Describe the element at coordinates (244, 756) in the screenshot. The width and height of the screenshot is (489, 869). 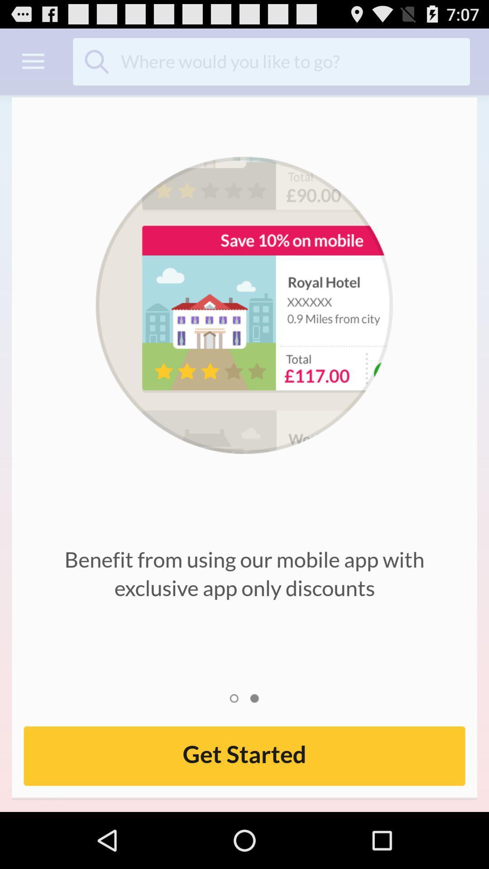
I see `get started` at that location.